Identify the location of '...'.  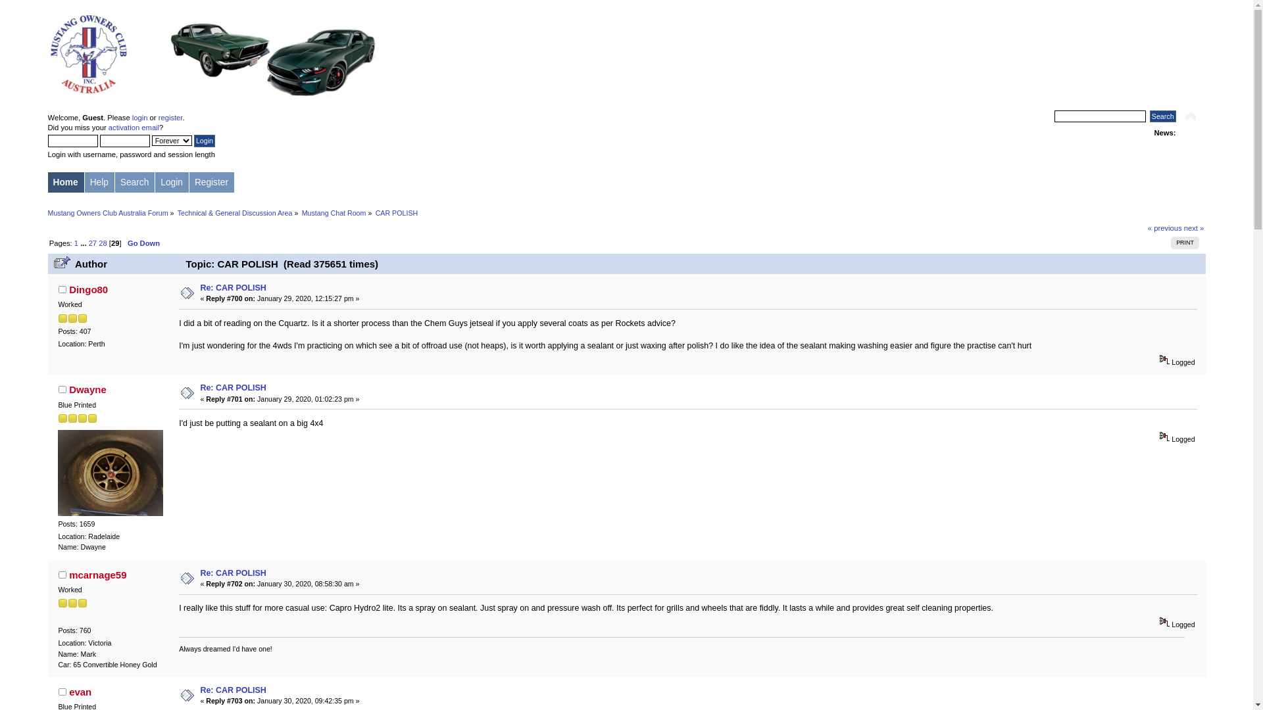
(79, 243).